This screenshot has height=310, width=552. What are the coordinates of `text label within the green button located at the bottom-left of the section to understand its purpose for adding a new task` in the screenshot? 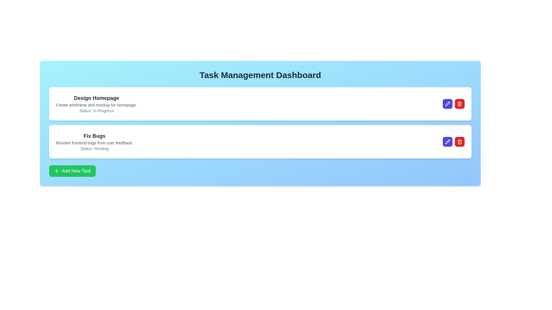 It's located at (76, 171).